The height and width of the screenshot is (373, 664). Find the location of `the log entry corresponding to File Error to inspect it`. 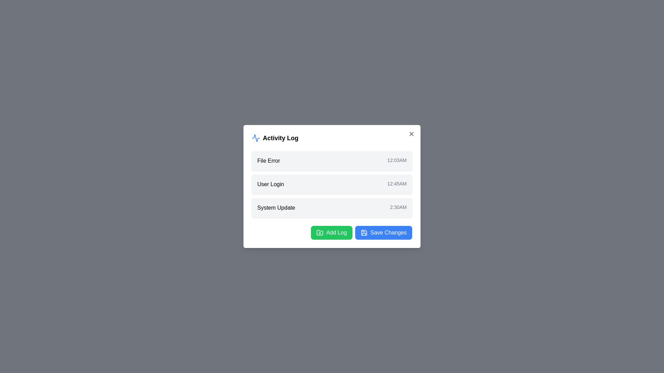

the log entry corresponding to File Error to inspect it is located at coordinates (332, 161).